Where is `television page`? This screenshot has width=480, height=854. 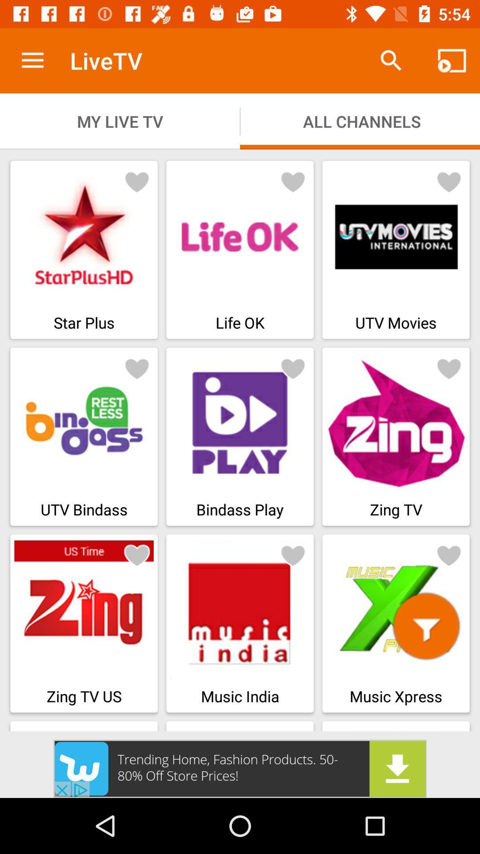 television page is located at coordinates (137, 181).